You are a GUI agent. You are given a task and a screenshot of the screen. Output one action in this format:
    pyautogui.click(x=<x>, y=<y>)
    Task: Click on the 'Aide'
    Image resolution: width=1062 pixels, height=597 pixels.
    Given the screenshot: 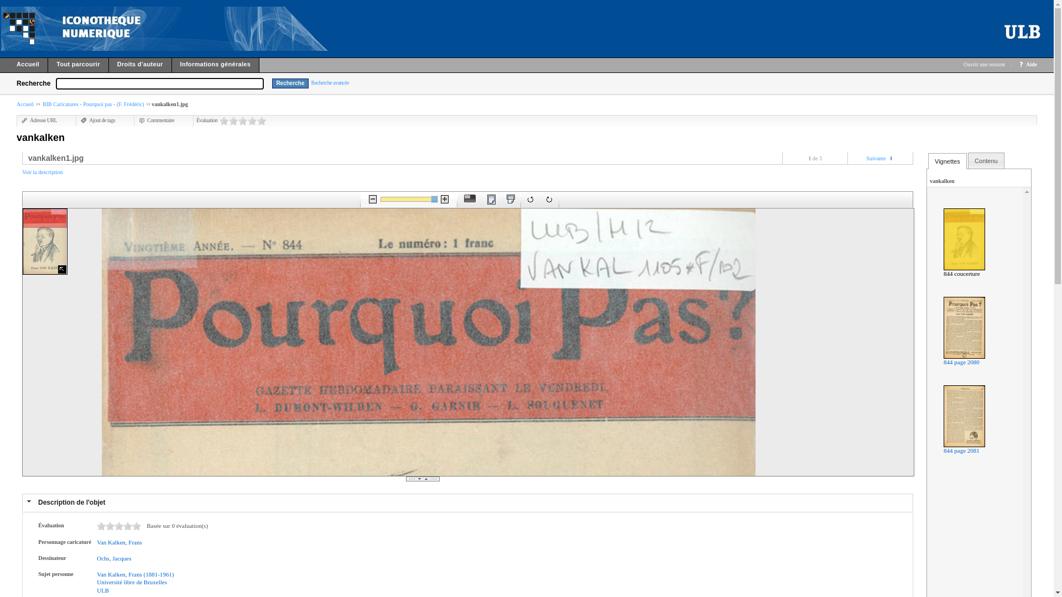 What is the action you would take?
    pyautogui.click(x=1031, y=64)
    